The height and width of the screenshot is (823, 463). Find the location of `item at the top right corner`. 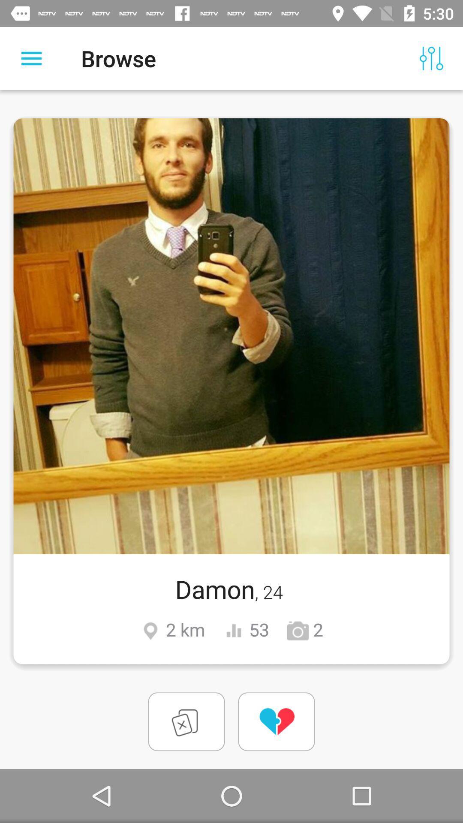

item at the top right corner is located at coordinates (431, 58).